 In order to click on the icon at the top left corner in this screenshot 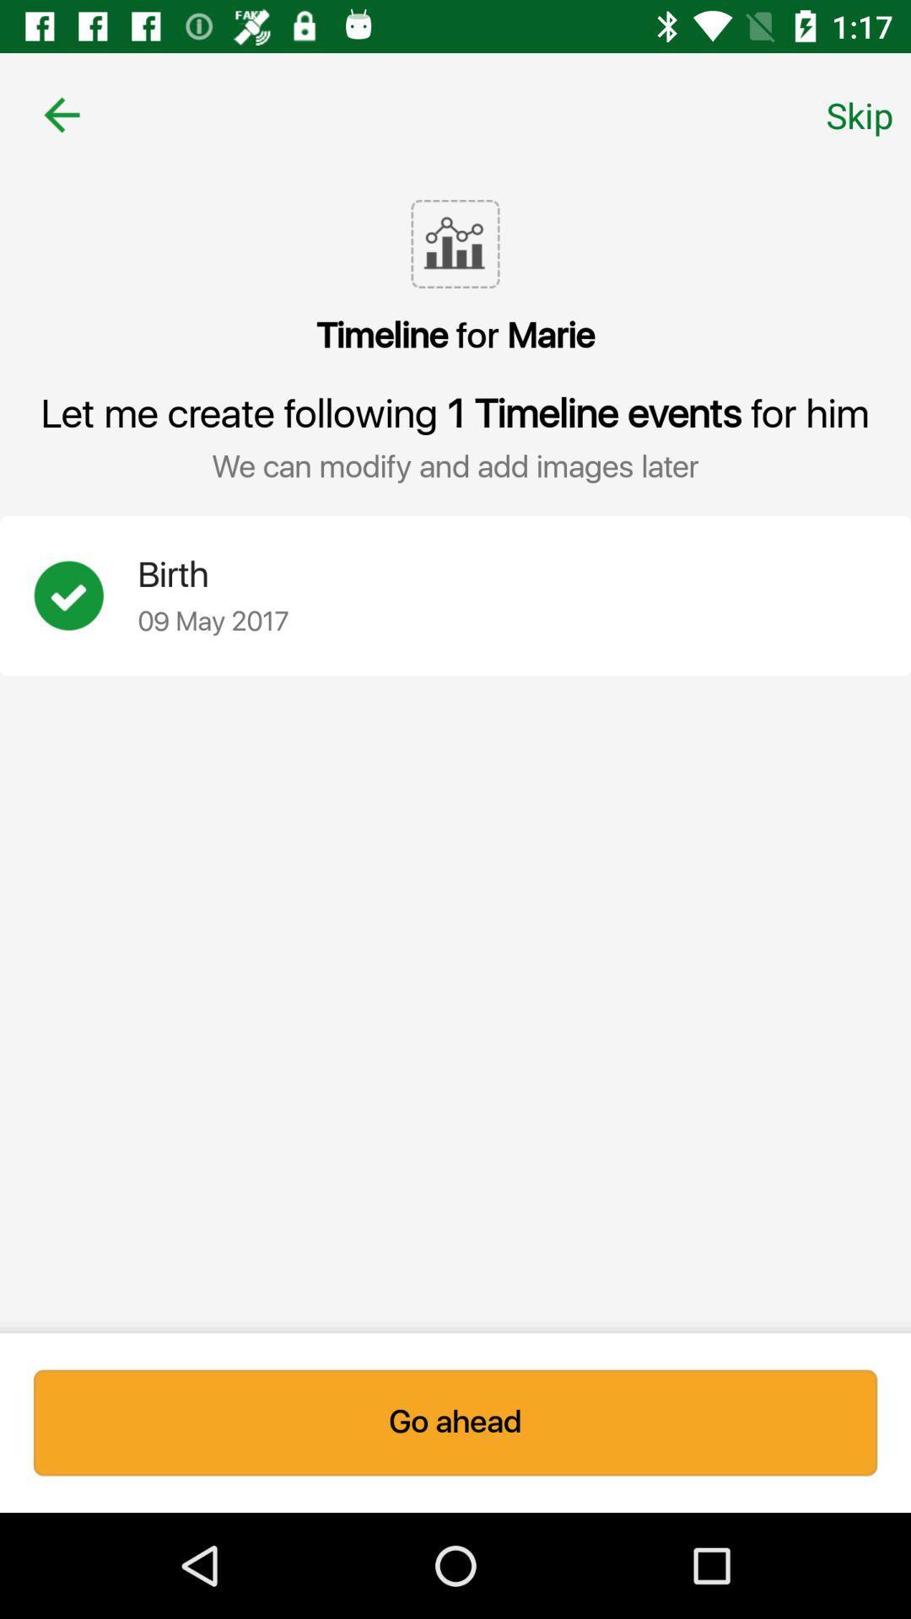, I will do `click(61, 114)`.